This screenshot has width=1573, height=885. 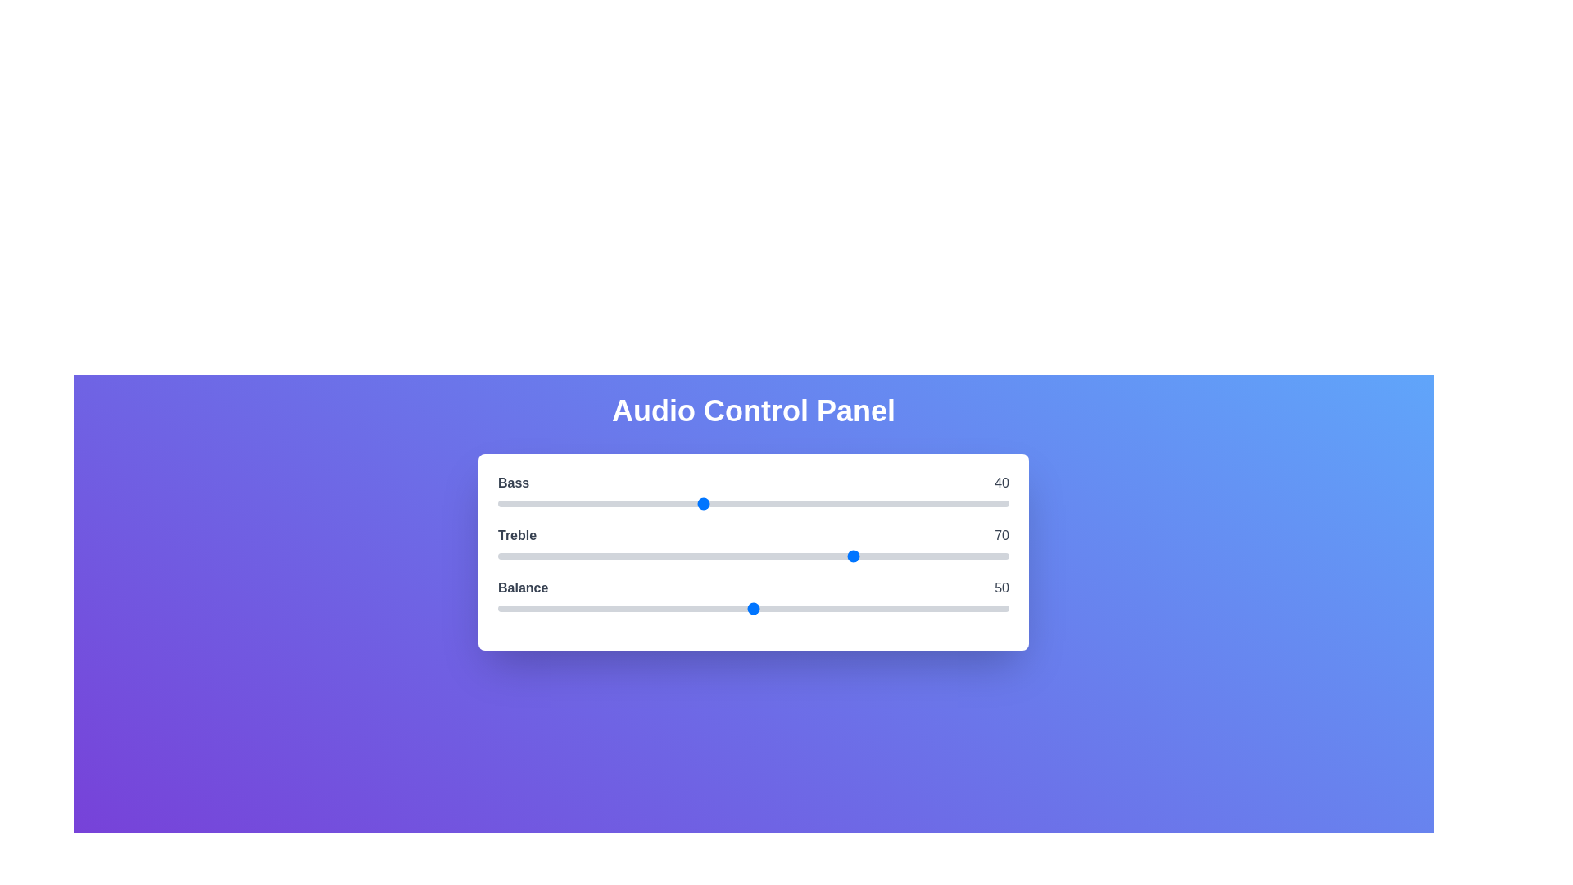 I want to click on the 1 slider to 17, so click(x=585, y=555).